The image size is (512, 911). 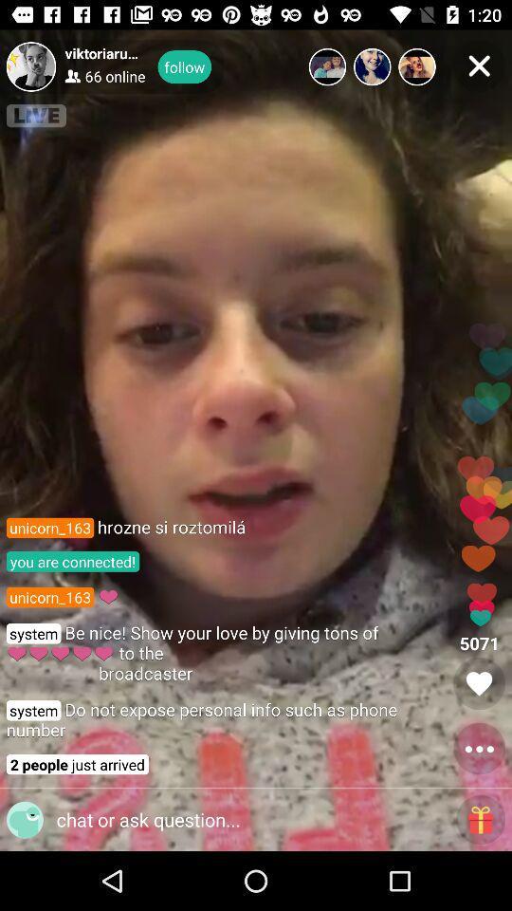 I want to click on the more icon, so click(x=478, y=749).